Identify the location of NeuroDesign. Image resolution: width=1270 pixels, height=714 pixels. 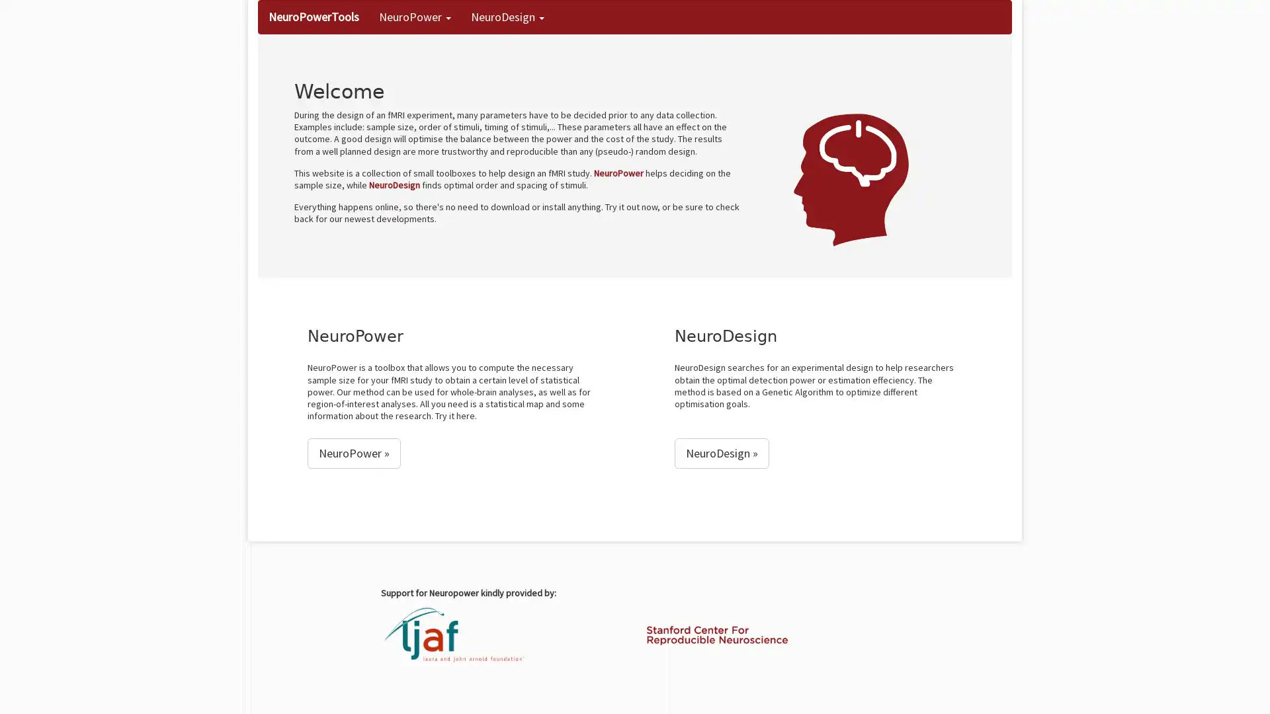
(721, 453).